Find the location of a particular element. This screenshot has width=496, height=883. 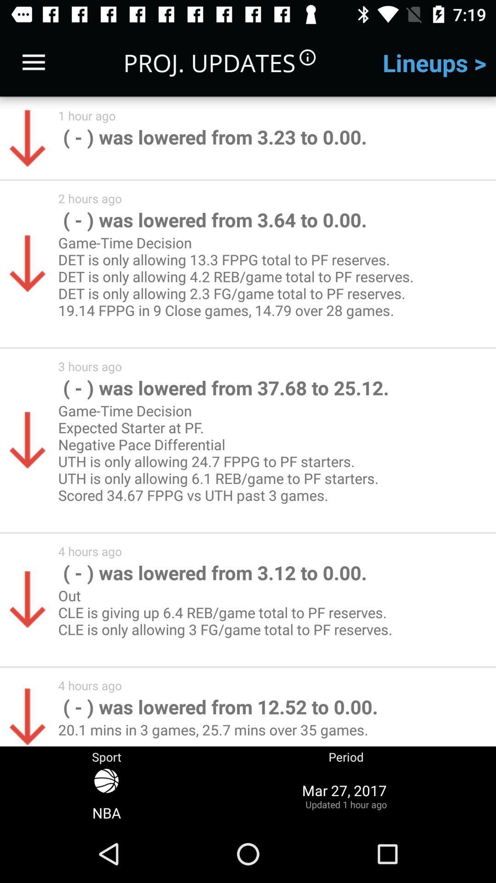

the icon at the top right corner is located at coordinates (434, 62).